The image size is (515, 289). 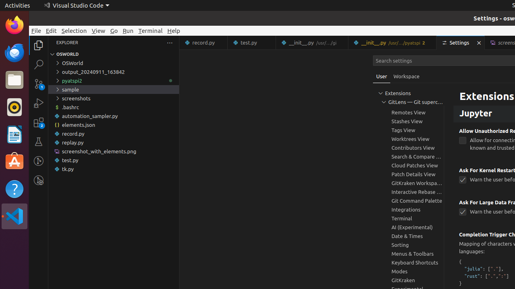 What do you see at coordinates (113, 98) in the screenshot?
I see `'screenshots'` at bounding box center [113, 98].